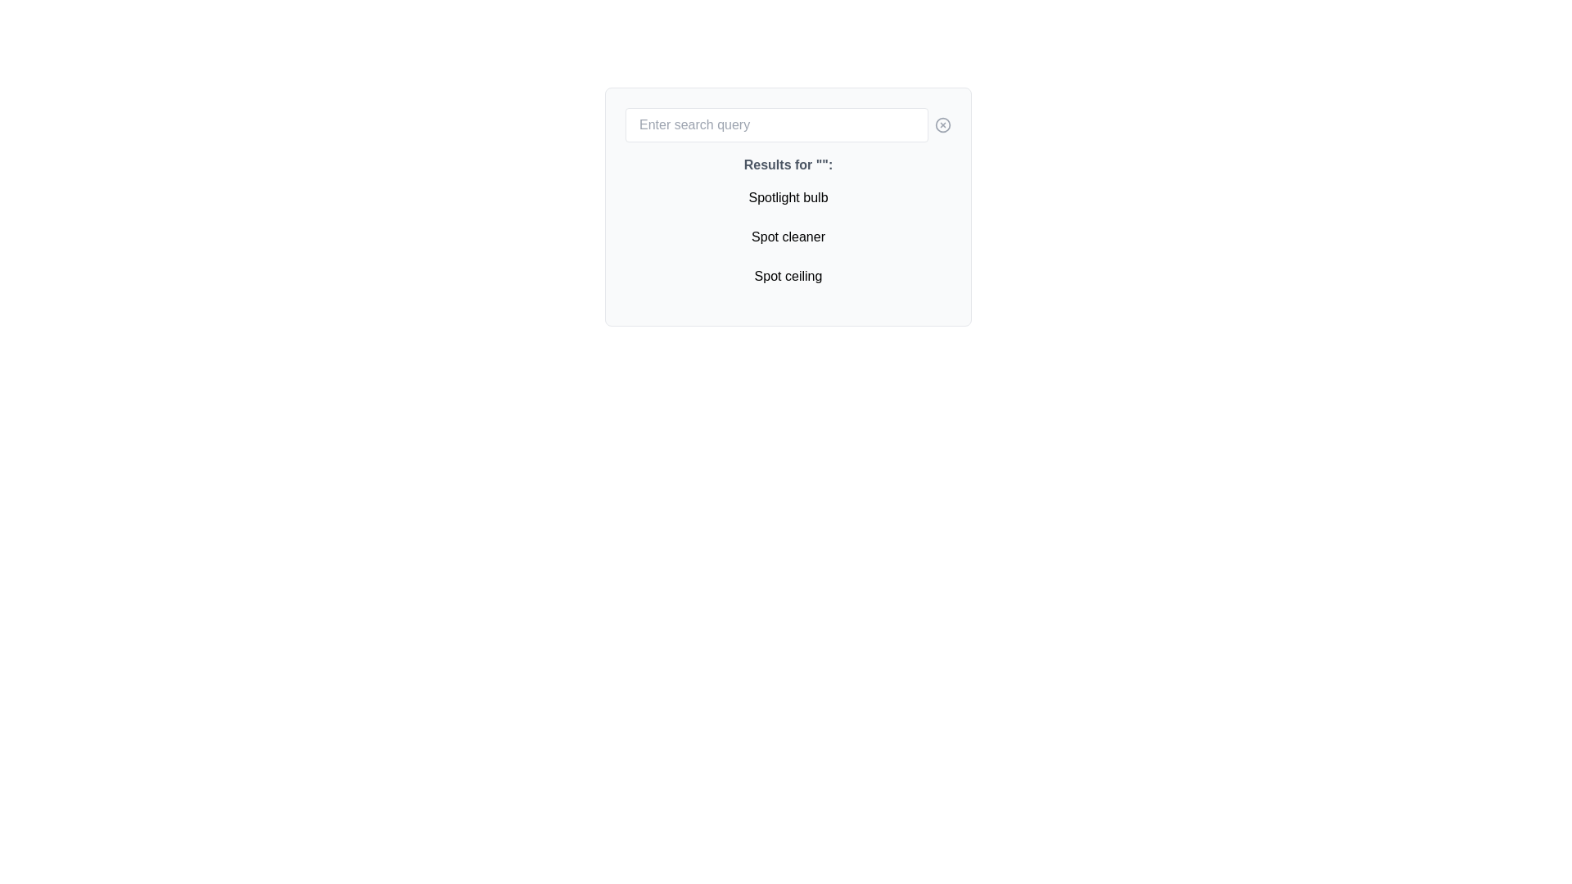 The height and width of the screenshot is (884, 1572). I want to click on character 'g' which is the 12th letter in the displayed search result 'Spotlight bulb' located in the first item of the vertically oriented list below the search input box, so click(784, 196).